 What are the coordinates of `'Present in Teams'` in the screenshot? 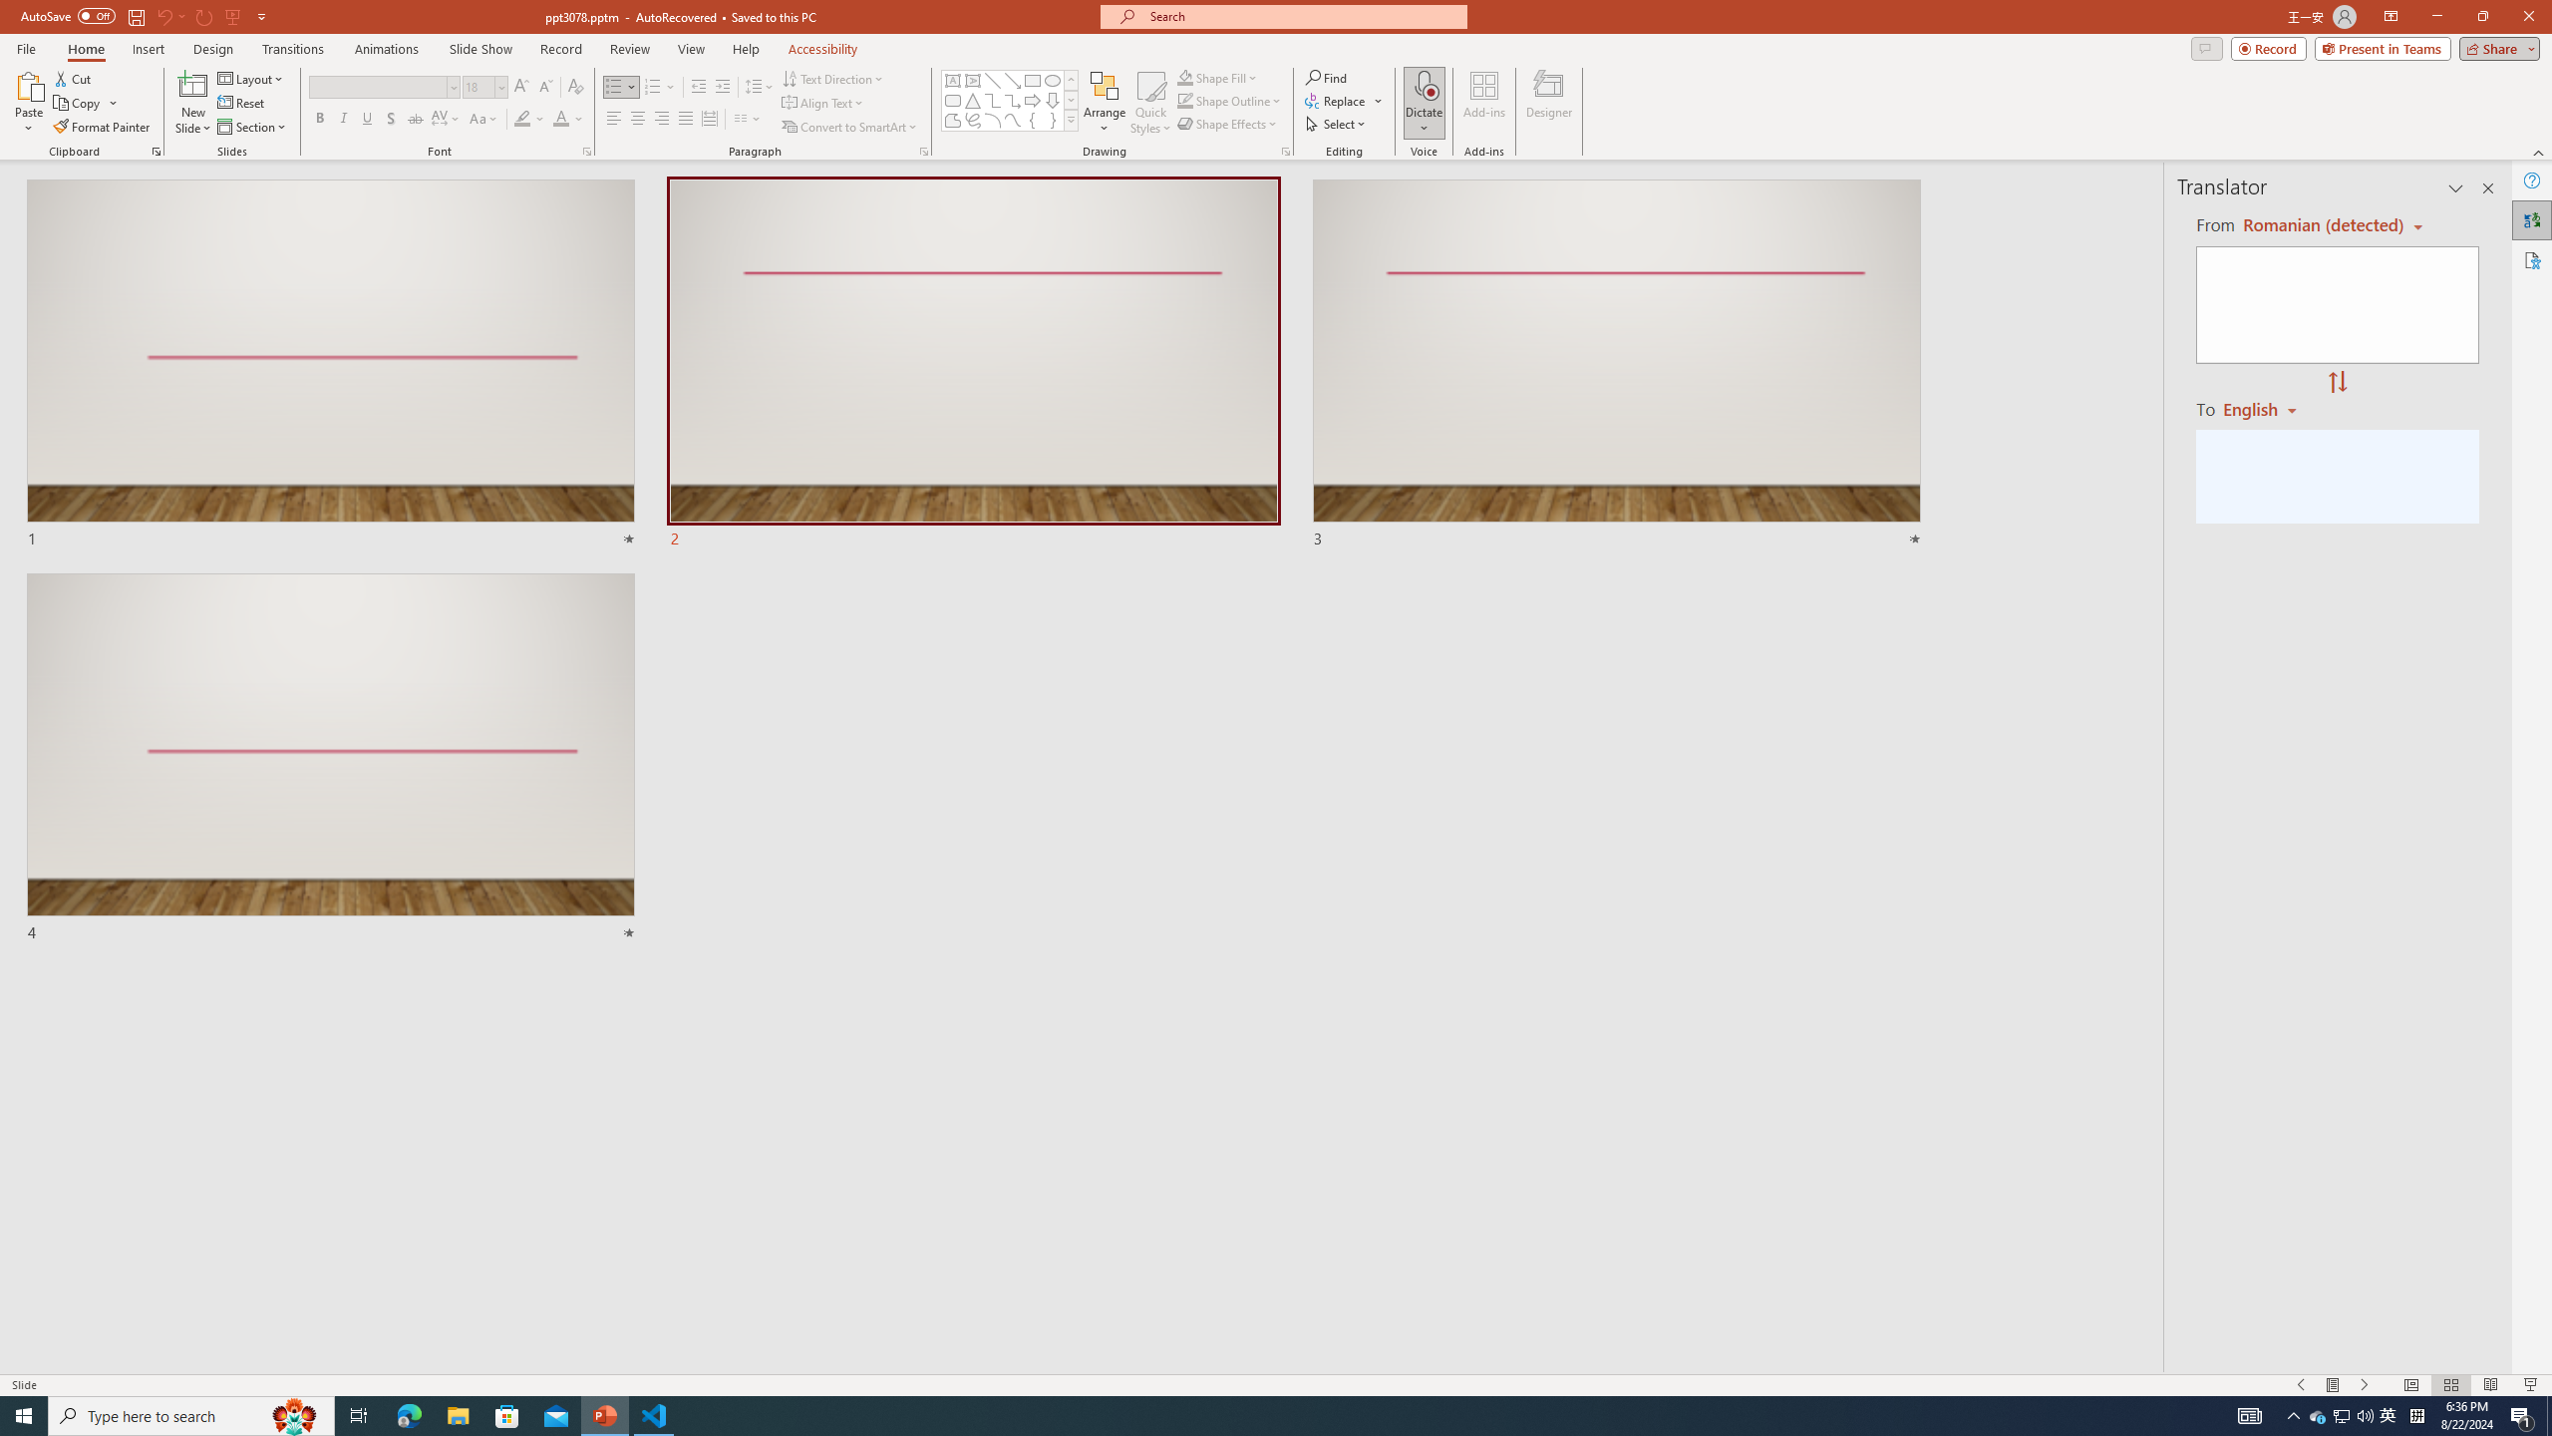 It's located at (2383, 47).